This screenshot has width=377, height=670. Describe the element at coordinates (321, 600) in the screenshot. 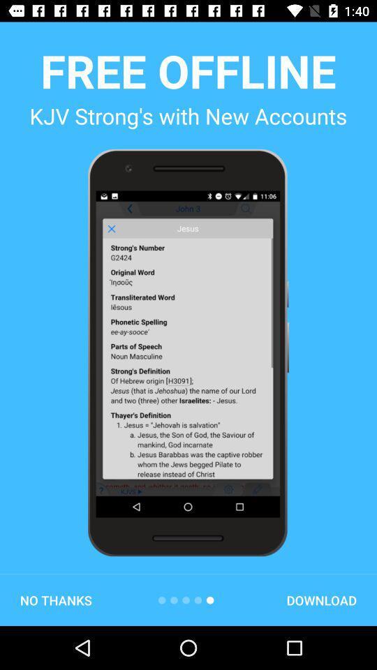

I see `icon at the bottom right corner` at that location.